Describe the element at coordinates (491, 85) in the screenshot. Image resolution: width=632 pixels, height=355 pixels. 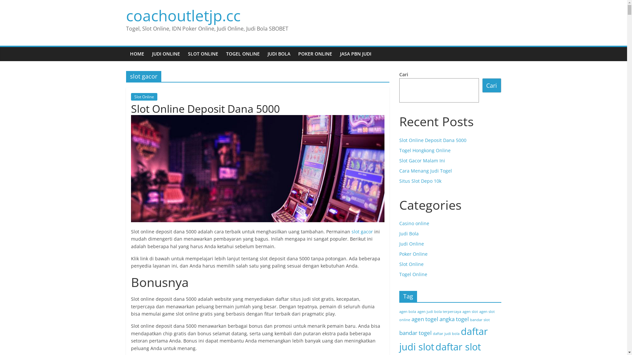
I see `'Cari'` at that location.